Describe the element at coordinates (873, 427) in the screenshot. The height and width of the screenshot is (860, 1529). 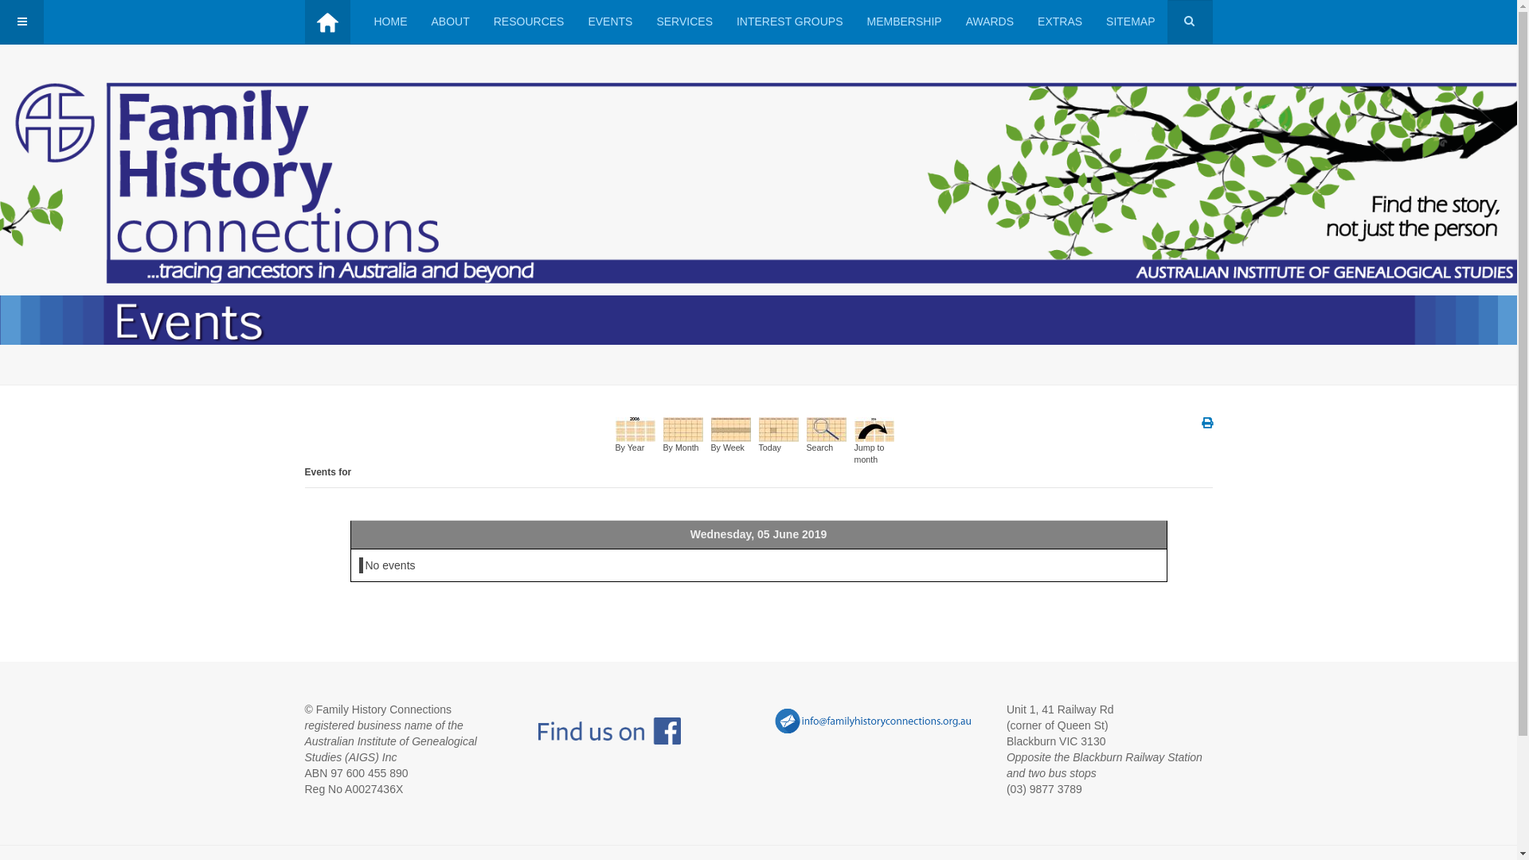
I see `'Jump to month'` at that location.